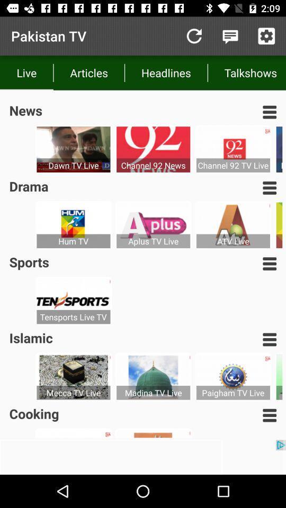 Image resolution: width=286 pixels, height=508 pixels. I want to click on slick on reload symbol, so click(193, 36).